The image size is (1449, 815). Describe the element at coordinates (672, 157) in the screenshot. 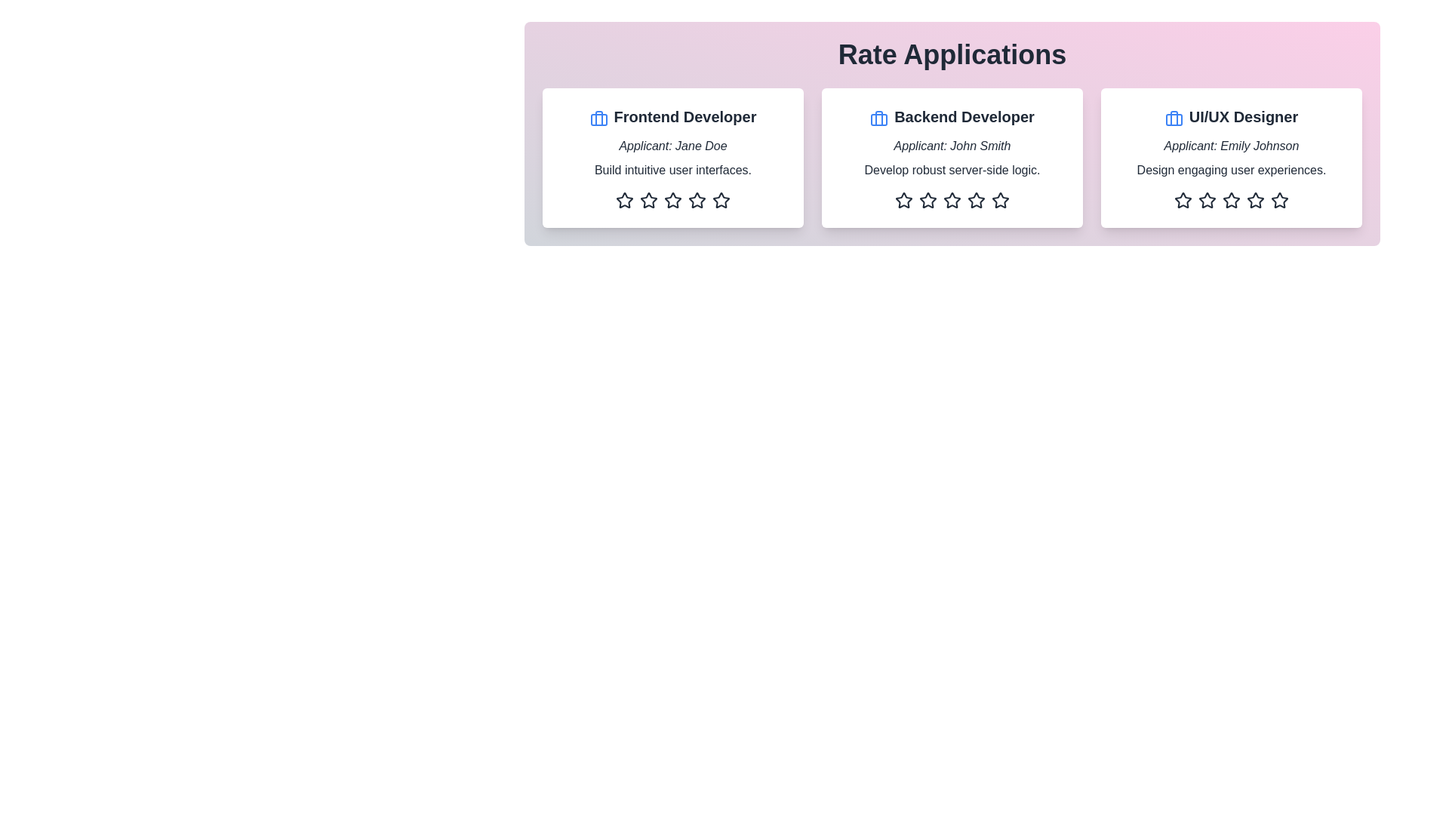

I see `the applicant's card to view their details` at that location.